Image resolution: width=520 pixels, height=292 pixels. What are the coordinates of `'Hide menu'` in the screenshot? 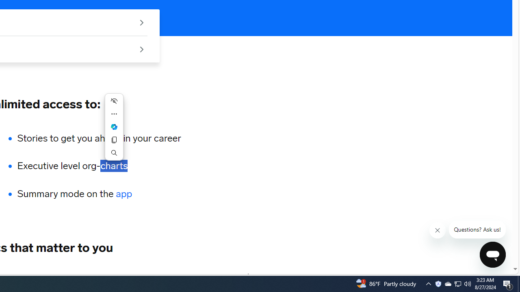 It's located at (113, 101).